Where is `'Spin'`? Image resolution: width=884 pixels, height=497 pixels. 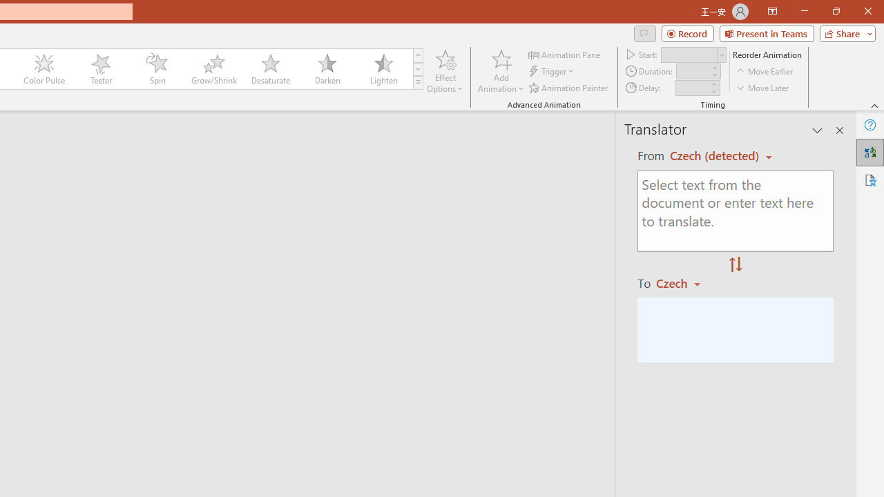 'Spin' is located at coordinates (157, 69).